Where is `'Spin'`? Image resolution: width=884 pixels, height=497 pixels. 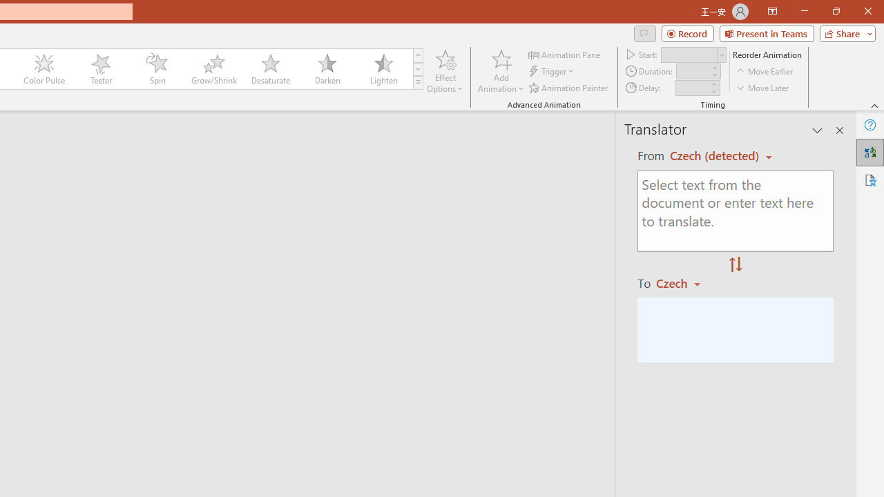 'Spin' is located at coordinates (157, 69).